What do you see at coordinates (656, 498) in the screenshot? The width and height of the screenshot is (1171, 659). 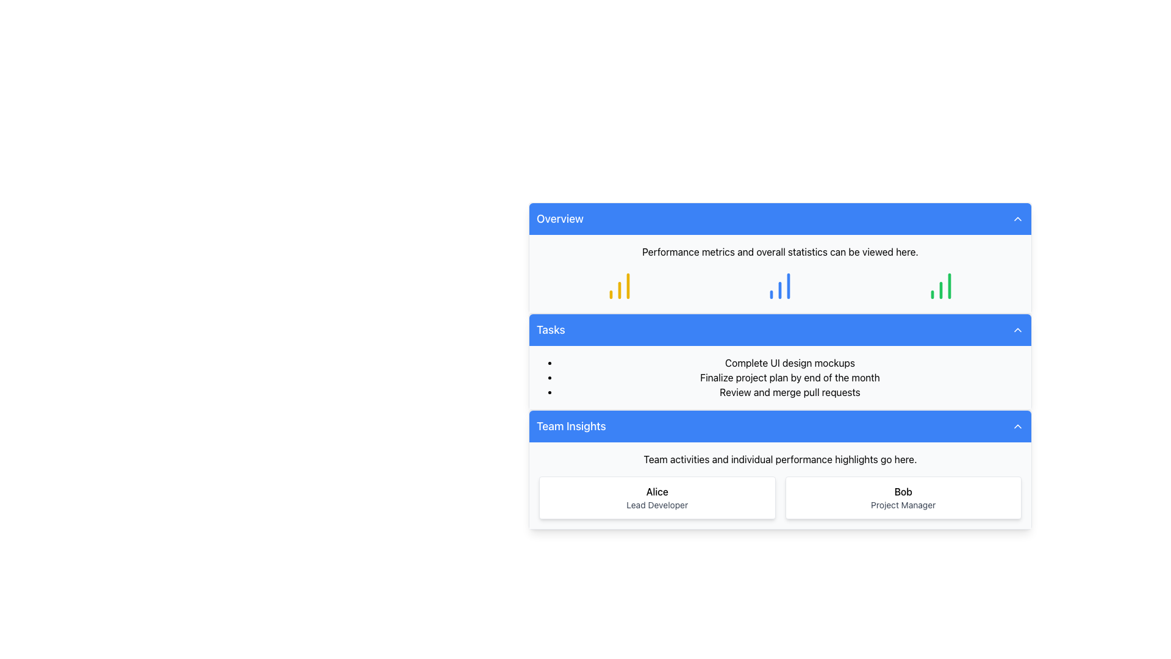 I see `displayed information on the Card Component showing 'Alice' and 'Lead Developer', which is the first card in the 'Team Insights' section` at bounding box center [656, 498].